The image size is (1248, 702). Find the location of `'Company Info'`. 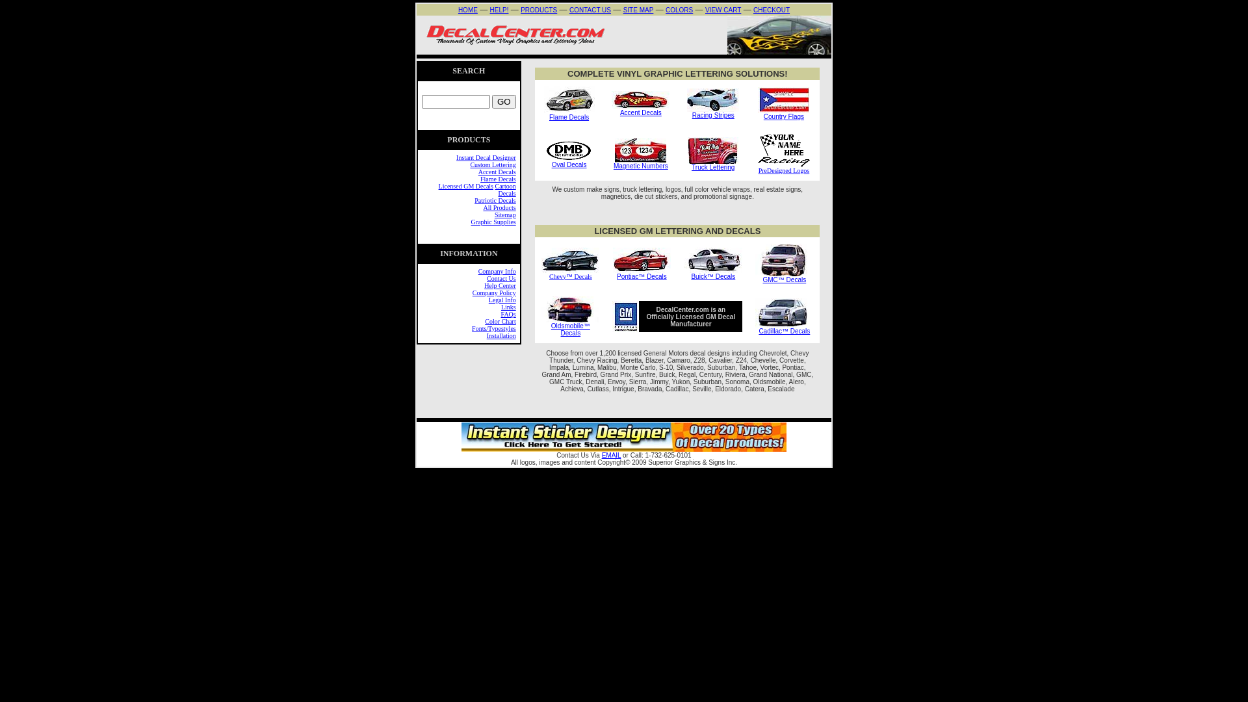

'Company Info' is located at coordinates (496, 270).